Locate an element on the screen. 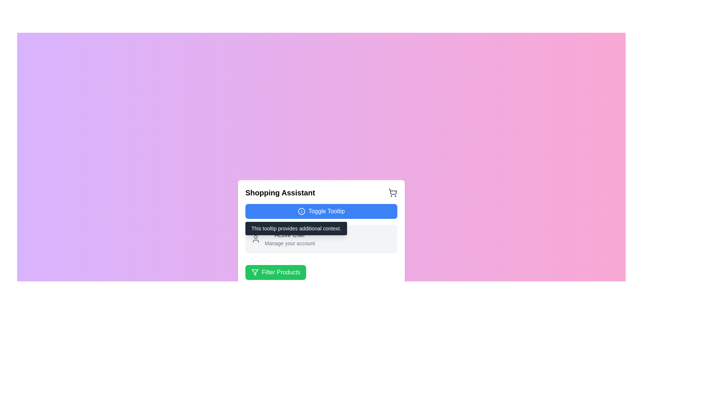 This screenshot has height=402, width=715. the small filter icon with a triangular funnel-like design, which is located to the left of the 'Filter Products' button on the lower part of the interface is located at coordinates (255, 272).